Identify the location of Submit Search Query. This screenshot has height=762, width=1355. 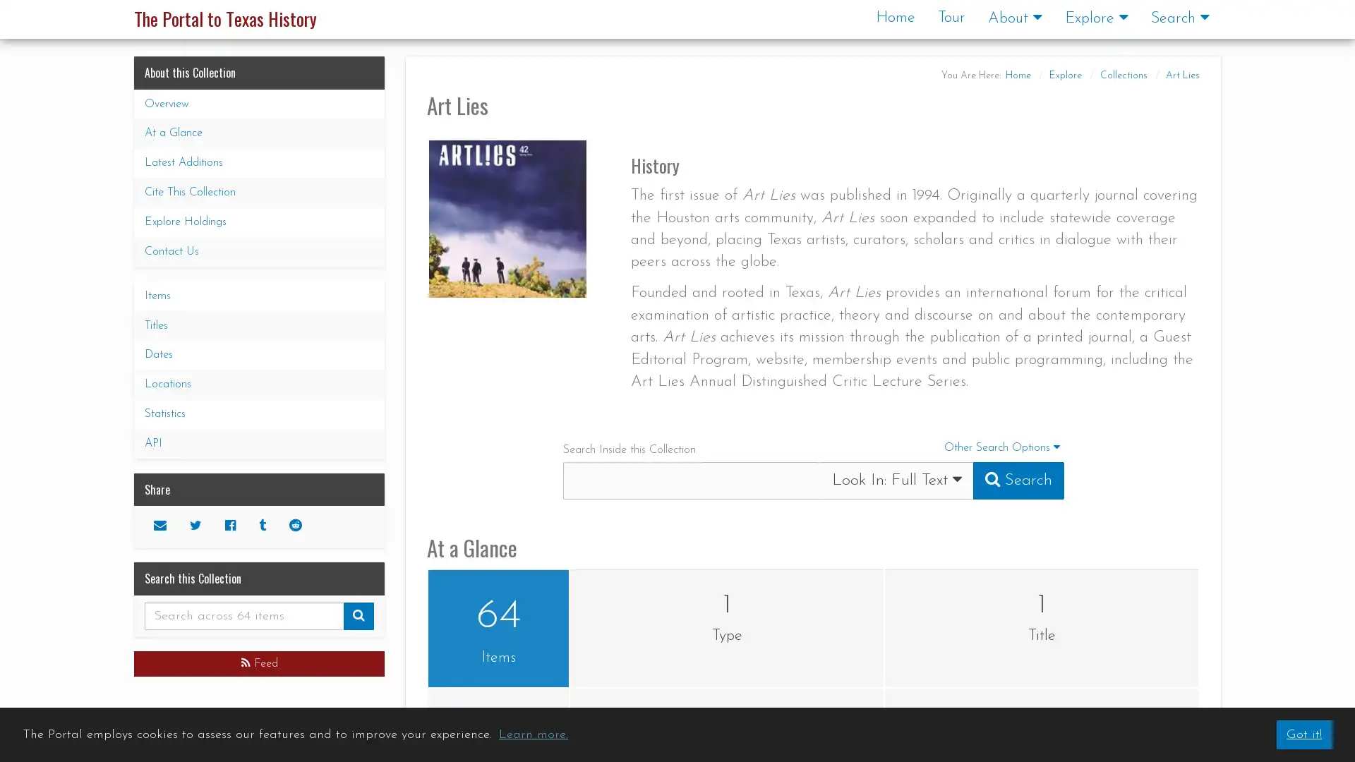
(1018, 480).